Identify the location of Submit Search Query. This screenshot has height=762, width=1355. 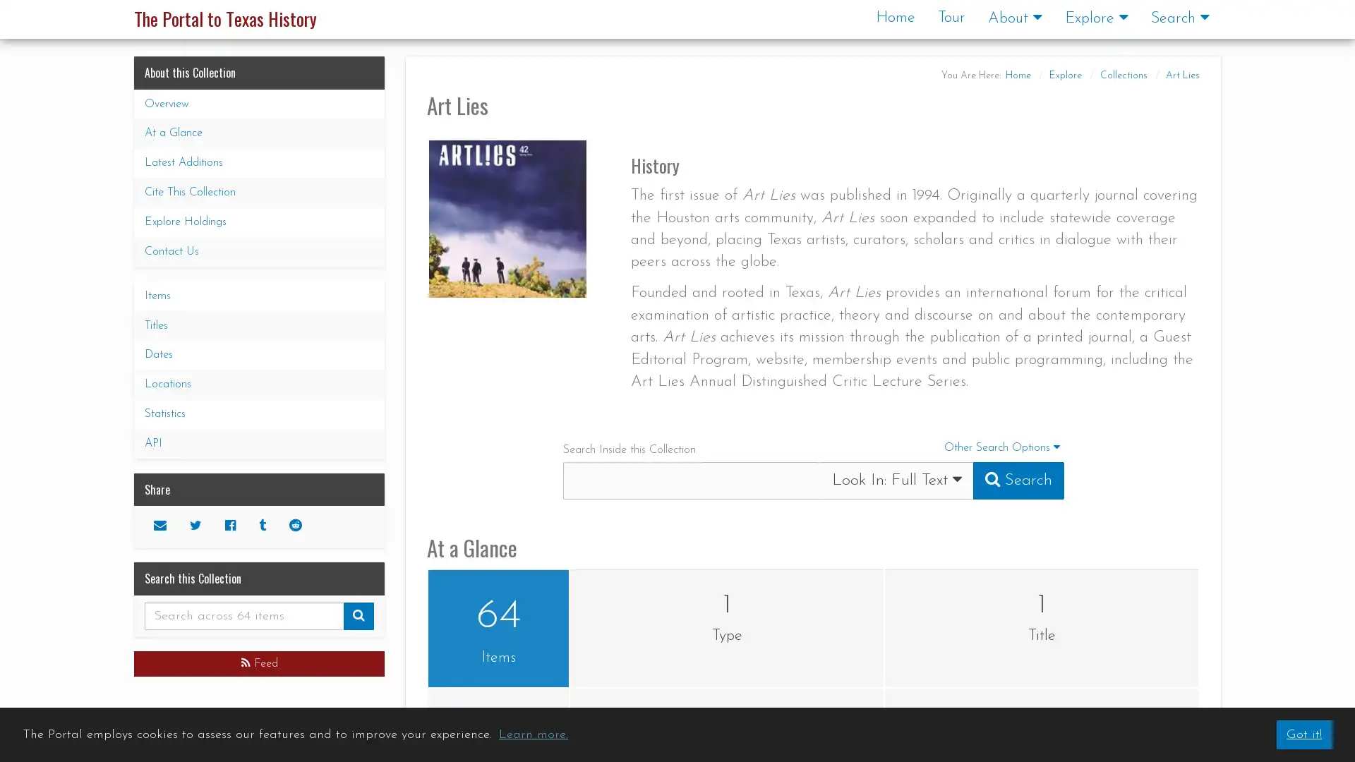
(1018, 480).